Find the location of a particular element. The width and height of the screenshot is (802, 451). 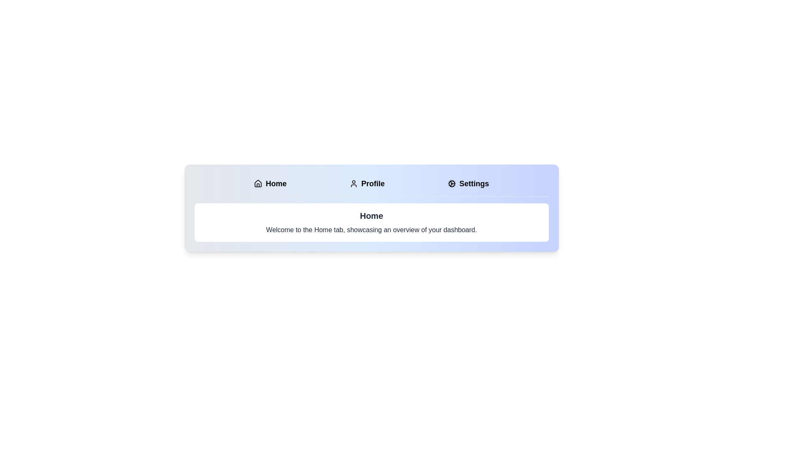

the visual representation of the Profile icon, which depicts a silhouette of a human figure with a circular head and an outline suggesting shoulders and a torso, located within the 'Profile' tab is located at coordinates (353, 183).